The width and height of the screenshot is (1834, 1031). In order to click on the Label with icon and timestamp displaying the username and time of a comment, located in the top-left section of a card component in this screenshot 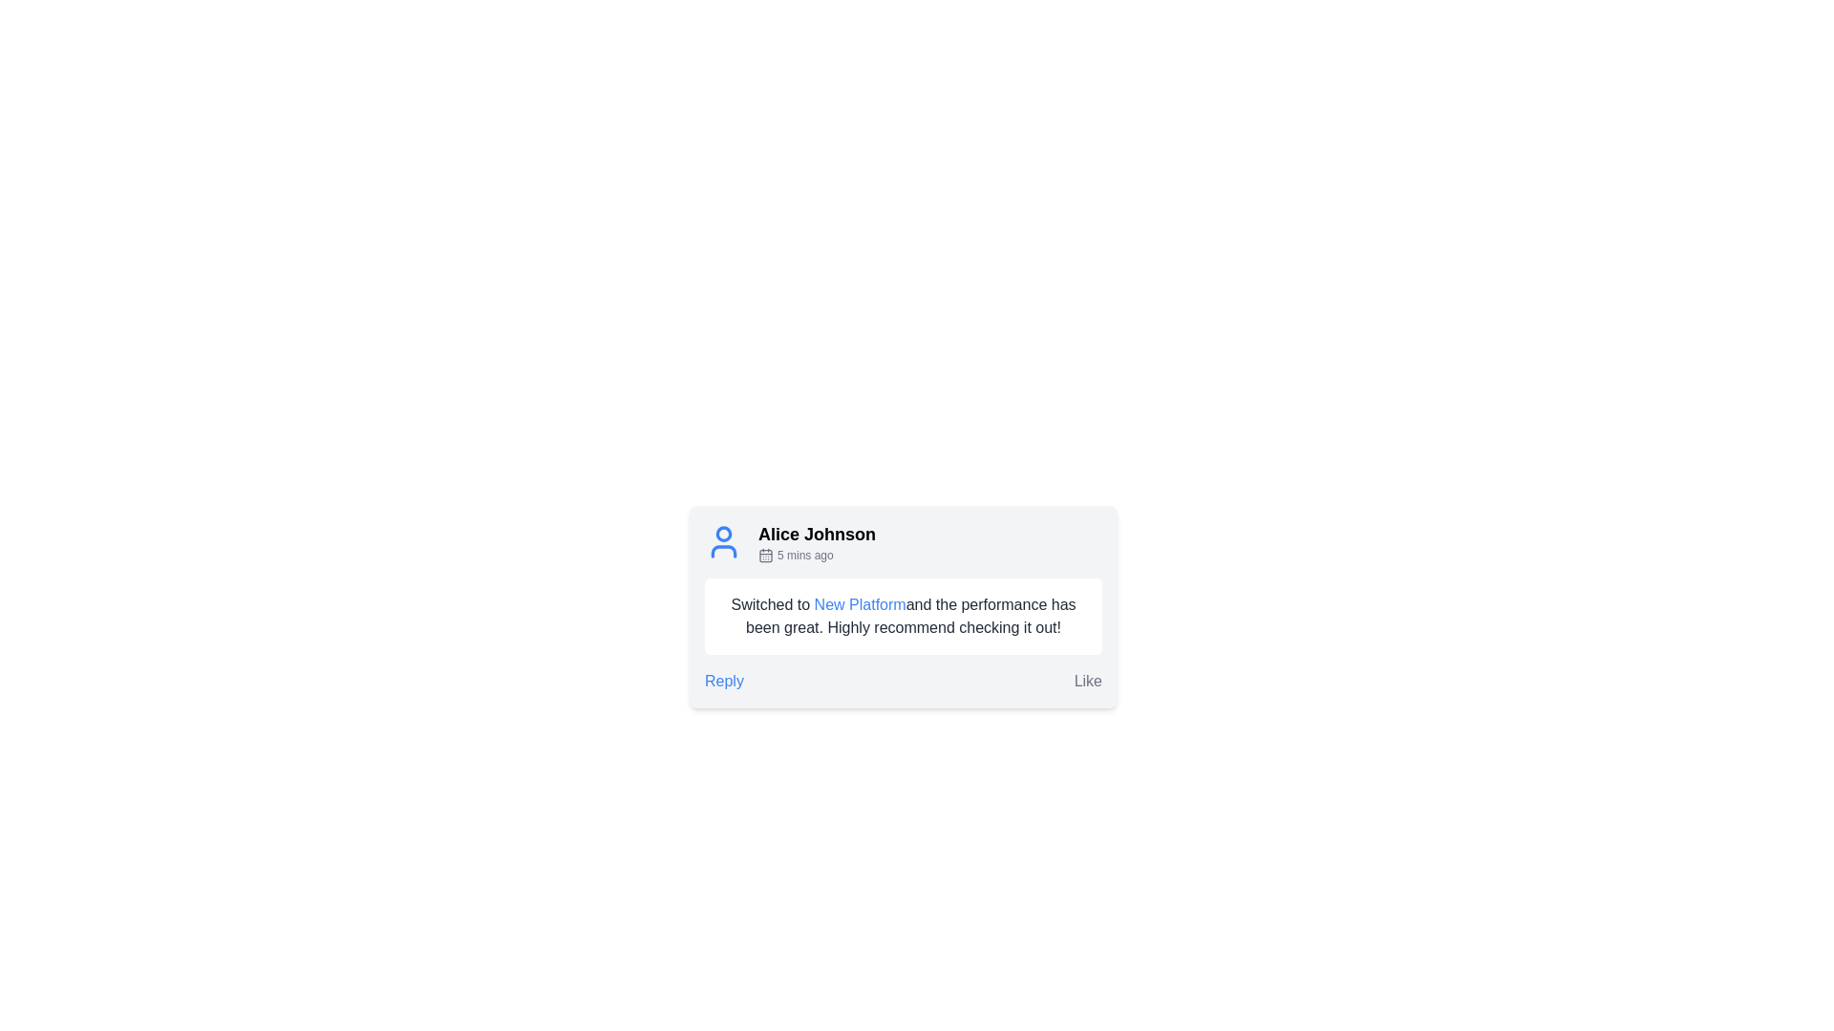, I will do `click(817, 541)`.